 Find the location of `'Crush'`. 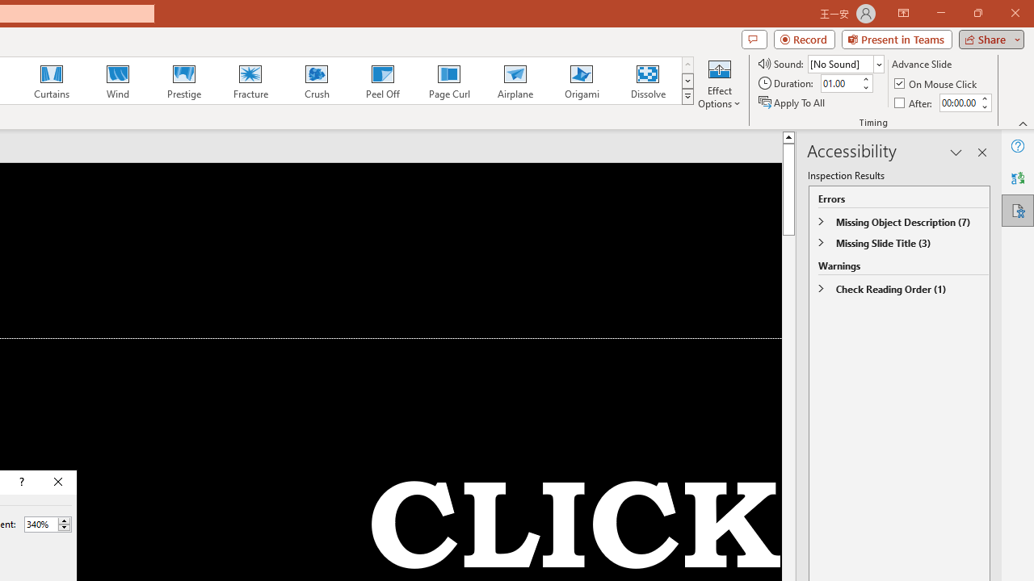

'Crush' is located at coordinates (316, 81).